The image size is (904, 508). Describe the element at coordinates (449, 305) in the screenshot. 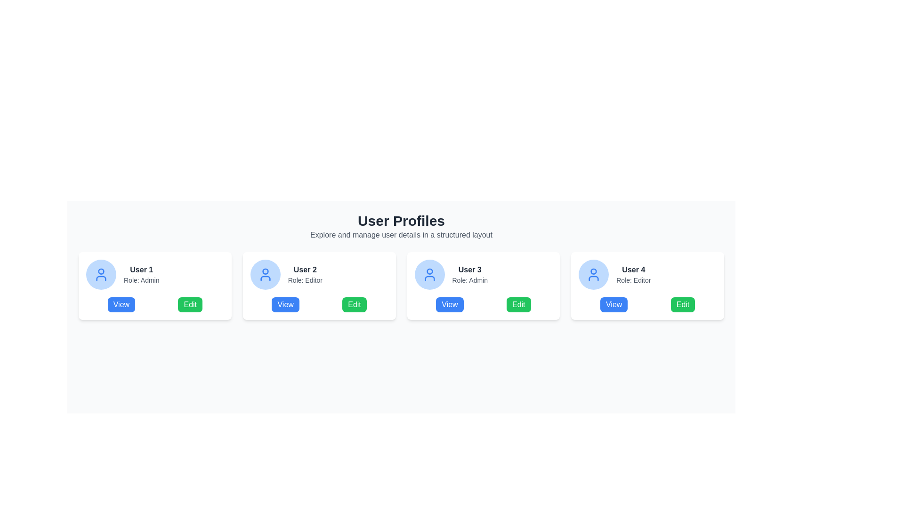

I see `the rectangular button with rounded corners that has a blue background and white text reading 'View', located in the user card for 'User 3: Role: Admin'` at that location.